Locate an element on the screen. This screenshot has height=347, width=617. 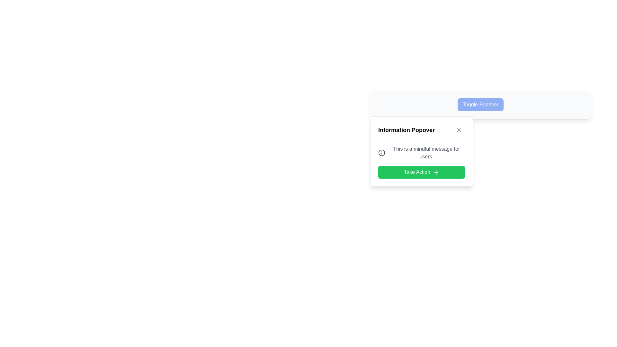
the blue button labeled 'Toggle Popover' with white text is located at coordinates (480, 104).